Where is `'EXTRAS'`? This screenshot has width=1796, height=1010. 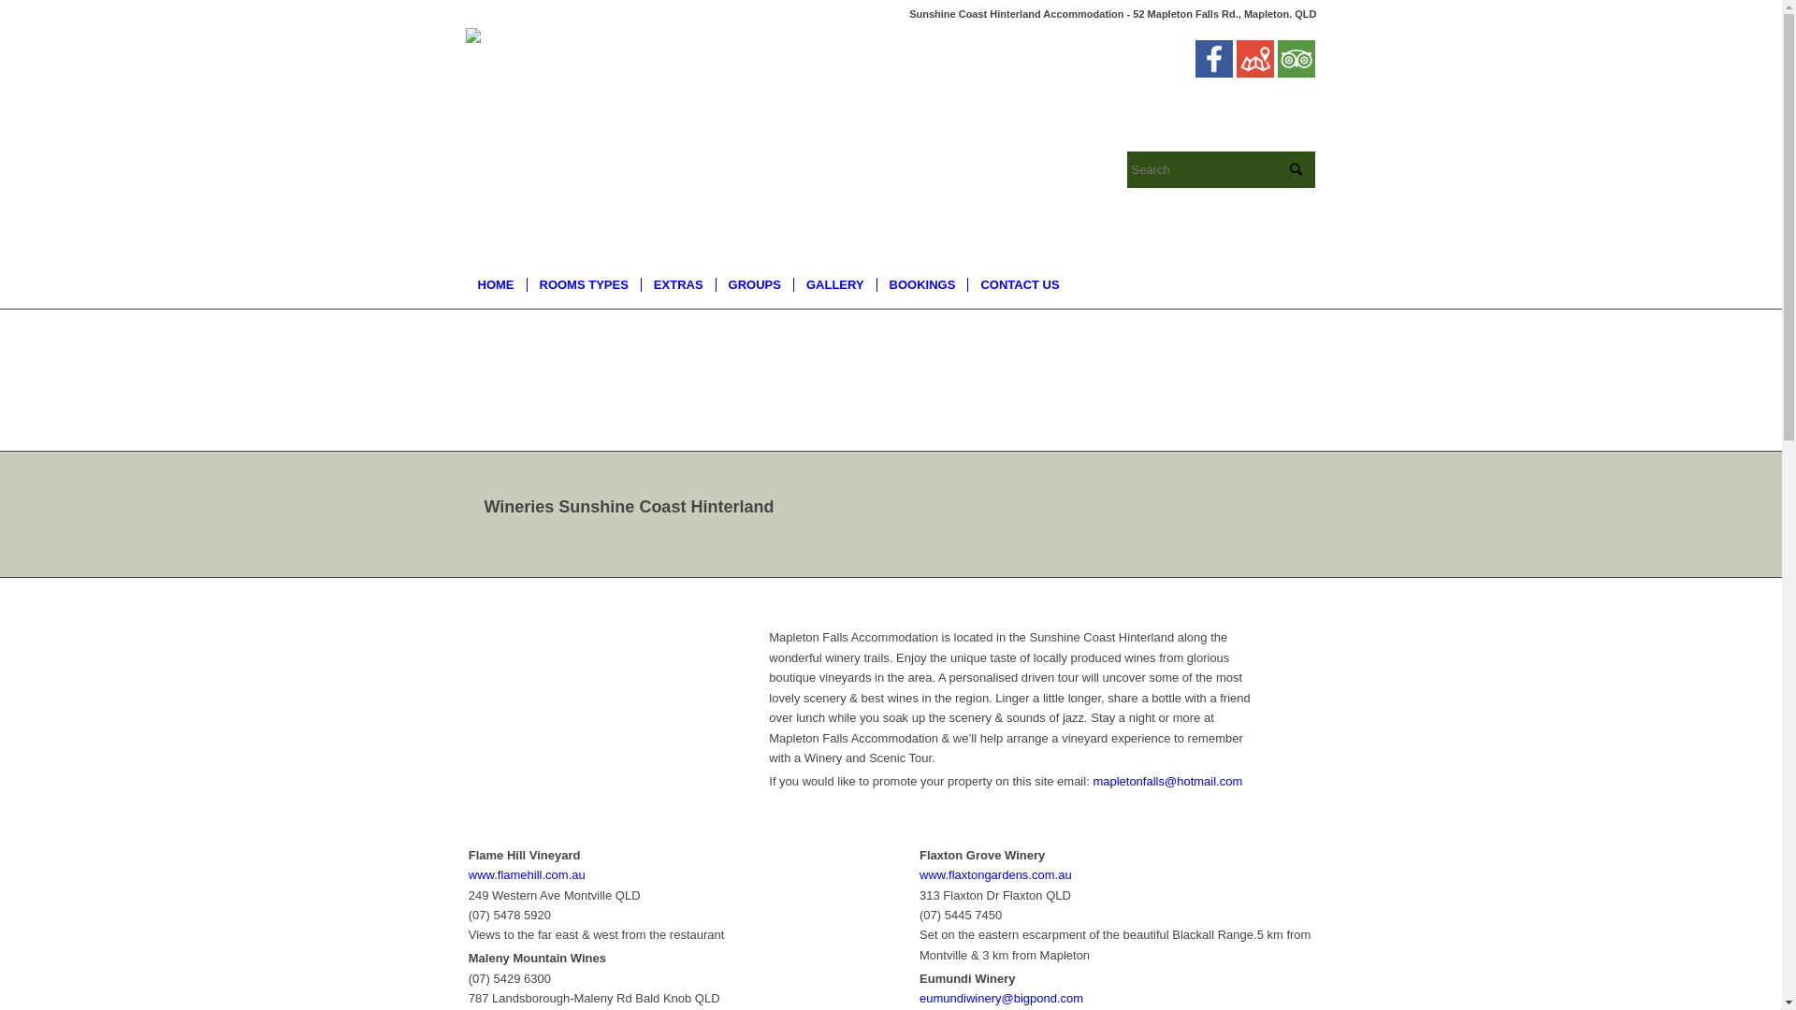
'EXTRAS' is located at coordinates (676, 284).